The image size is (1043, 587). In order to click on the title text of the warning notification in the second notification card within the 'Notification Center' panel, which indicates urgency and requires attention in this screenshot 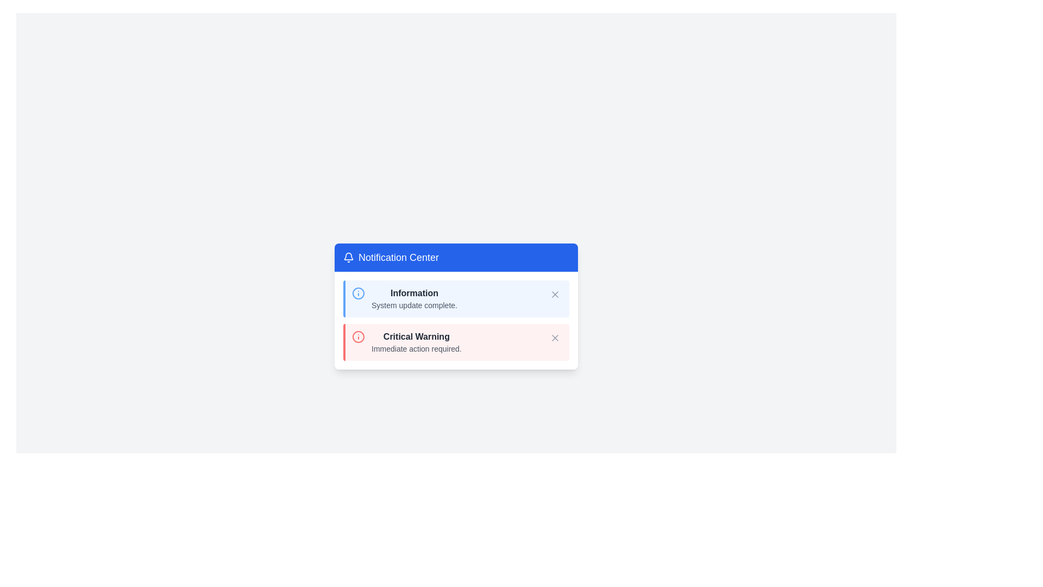, I will do `click(416, 336)`.